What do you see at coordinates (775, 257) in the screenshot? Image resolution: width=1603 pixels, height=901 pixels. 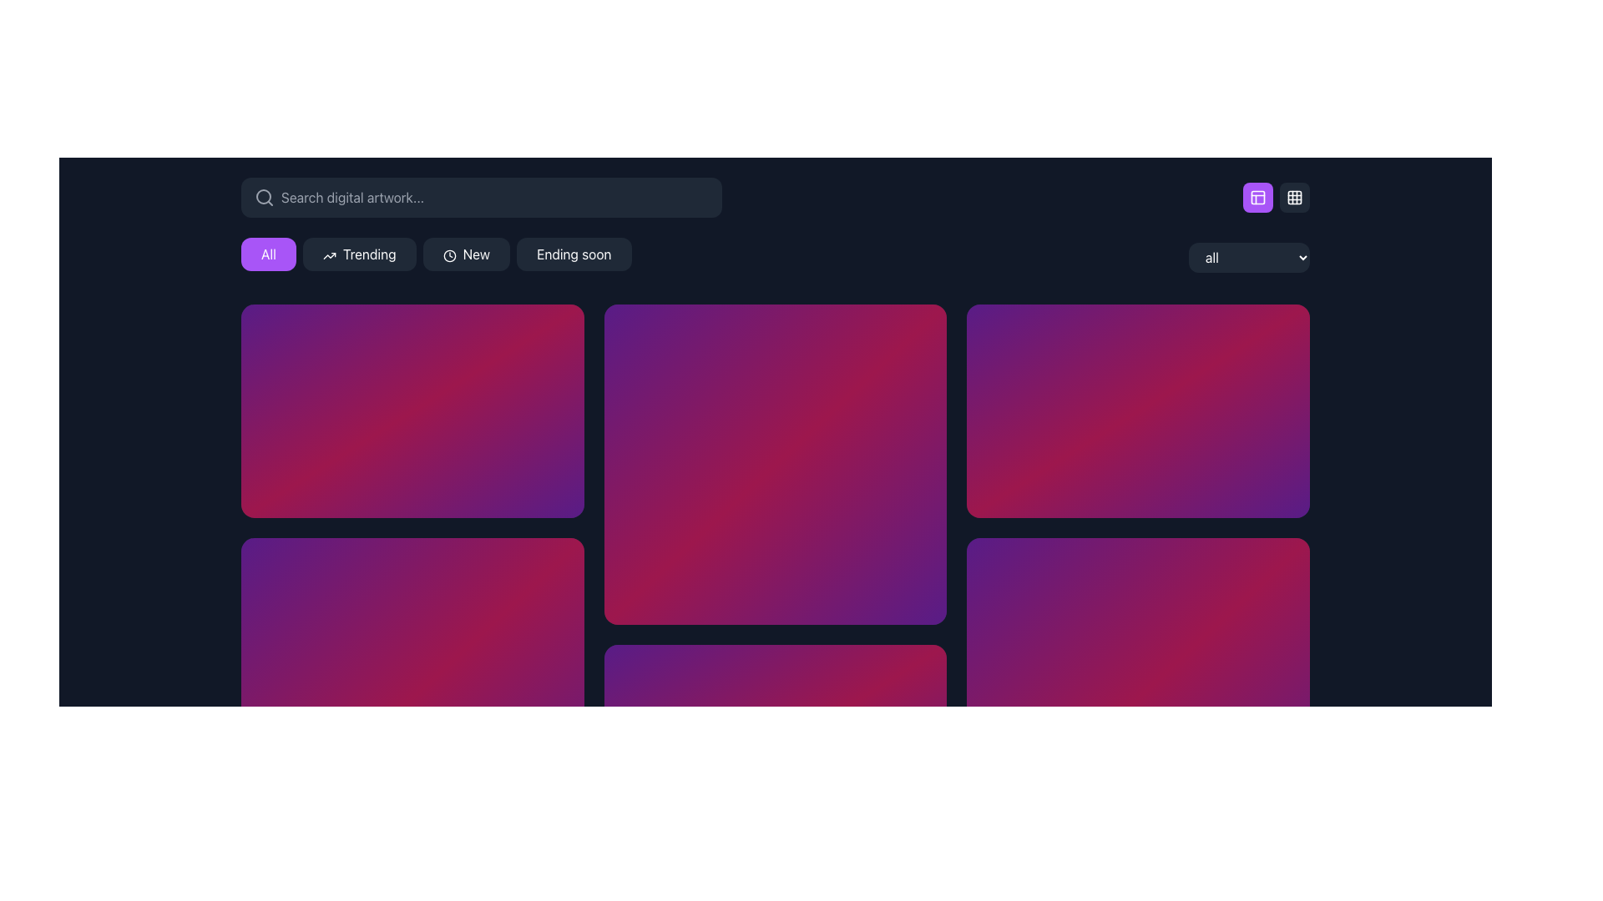 I see `the dropdown menu in the Filter bar, which is located near the top of the page and labeled 'all'` at bounding box center [775, 257].